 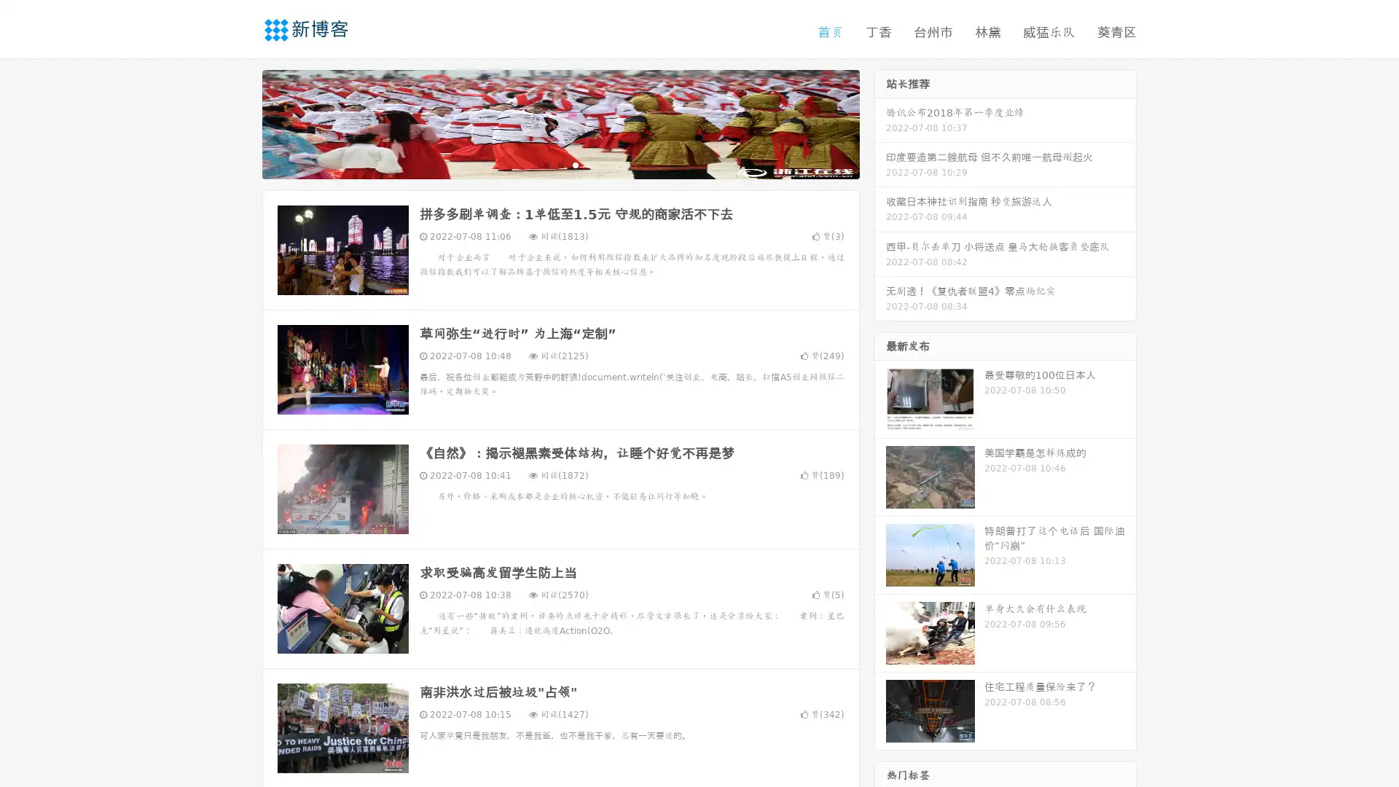 I want to click on Go to slide 3, so click(x=575, y=164).